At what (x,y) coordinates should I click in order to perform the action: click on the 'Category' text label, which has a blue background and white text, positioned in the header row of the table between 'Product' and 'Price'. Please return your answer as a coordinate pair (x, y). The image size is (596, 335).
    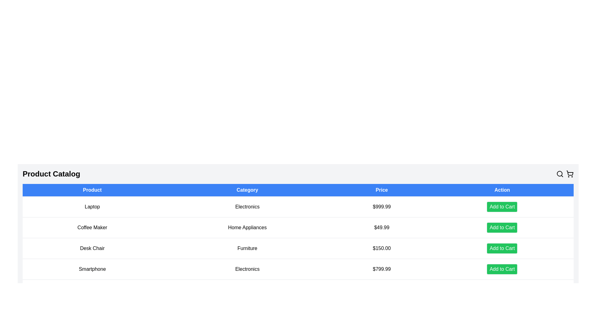
    Looking at the image, I should click on (247, 190).